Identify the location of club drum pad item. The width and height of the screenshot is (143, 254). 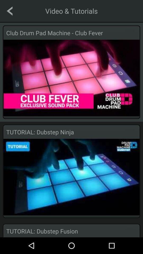
(71, 33).